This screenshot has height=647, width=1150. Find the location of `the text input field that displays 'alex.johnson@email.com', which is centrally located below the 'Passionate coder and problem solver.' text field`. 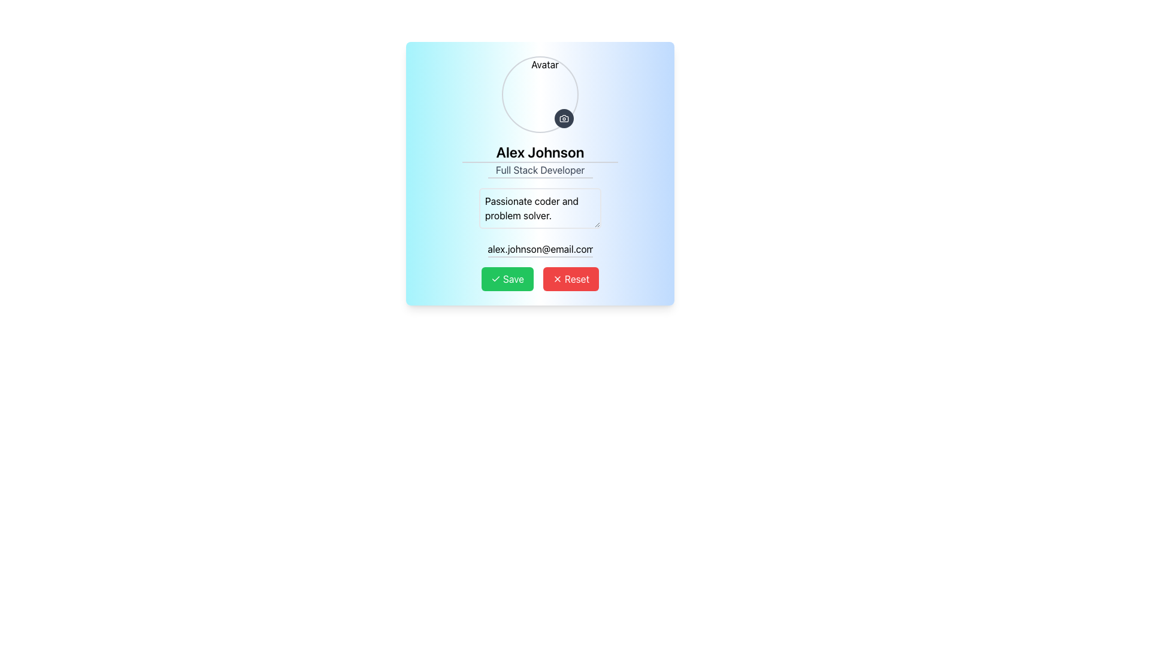

the text input field that displays 'alex.johnson@email.com', which is centrally located below the 'Passionate coder and problem solver.' text field is located at coordinates (540, 249).